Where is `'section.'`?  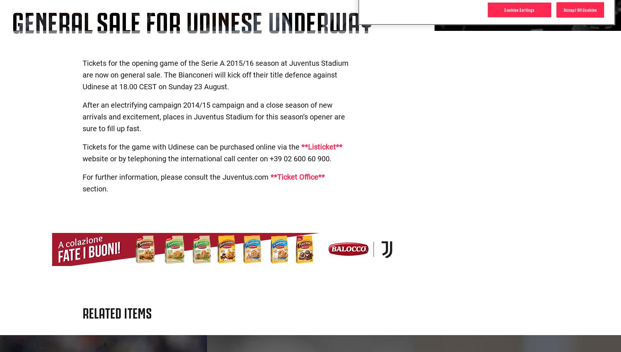
'section.' is located at coordinates (95, 188).